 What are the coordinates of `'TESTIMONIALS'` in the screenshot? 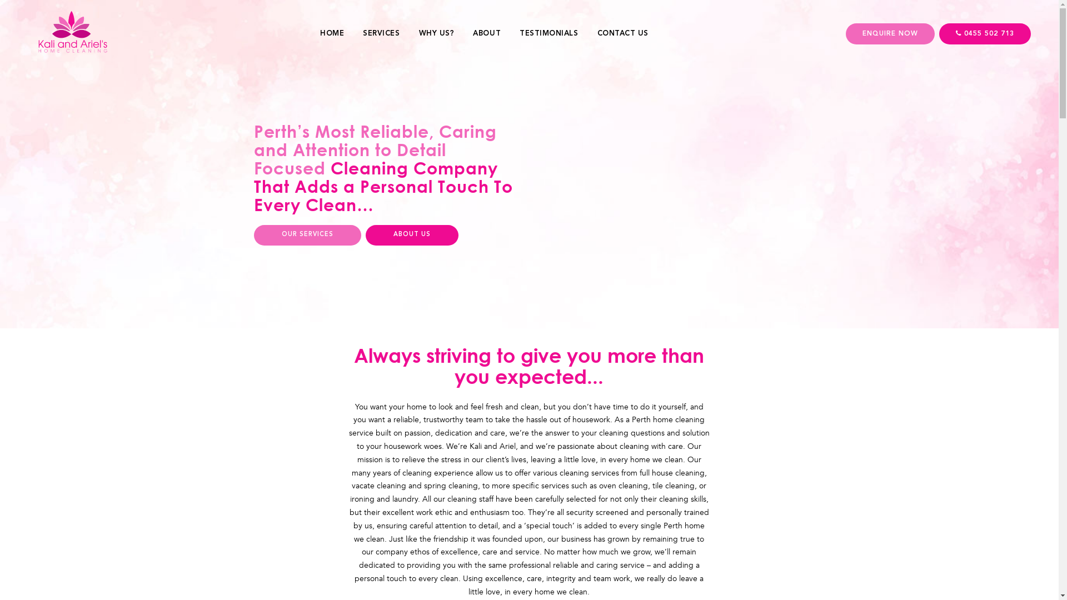 It's located at (549, 33).